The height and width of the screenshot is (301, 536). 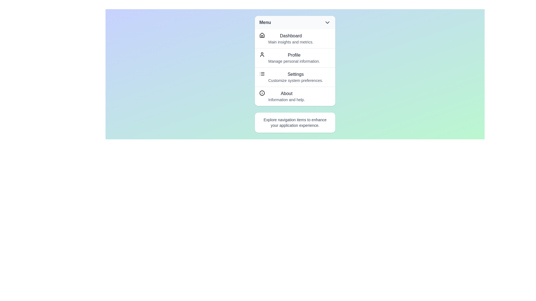 I want to click on the icon next to the menu item labeled About, so click(x=262, y=93).